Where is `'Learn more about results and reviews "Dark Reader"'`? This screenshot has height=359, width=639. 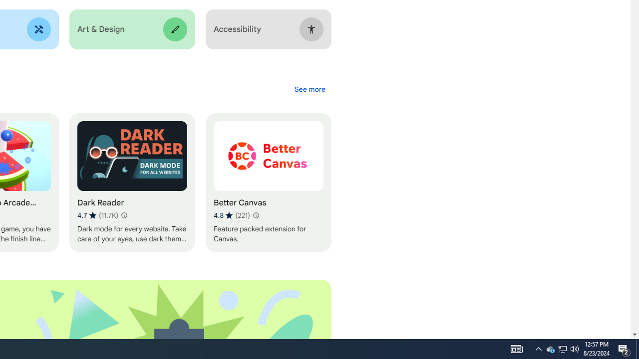
'Learn more about results and reviews "Dark Reader"' is located at coordinates (123, 215).